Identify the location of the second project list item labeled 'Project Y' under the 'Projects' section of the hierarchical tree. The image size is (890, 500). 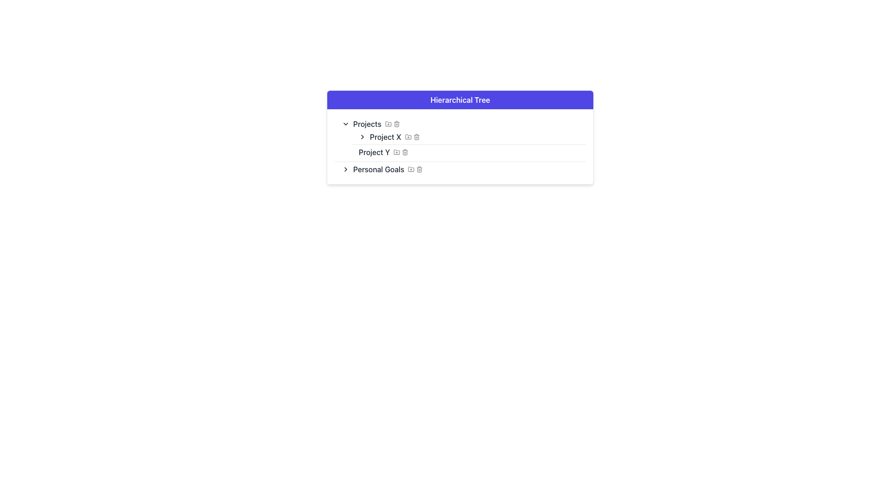
(469, 151).